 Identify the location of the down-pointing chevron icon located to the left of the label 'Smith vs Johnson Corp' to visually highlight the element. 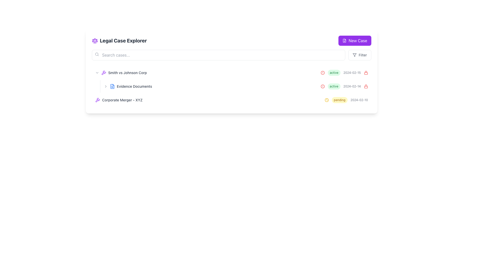
(97, 73).